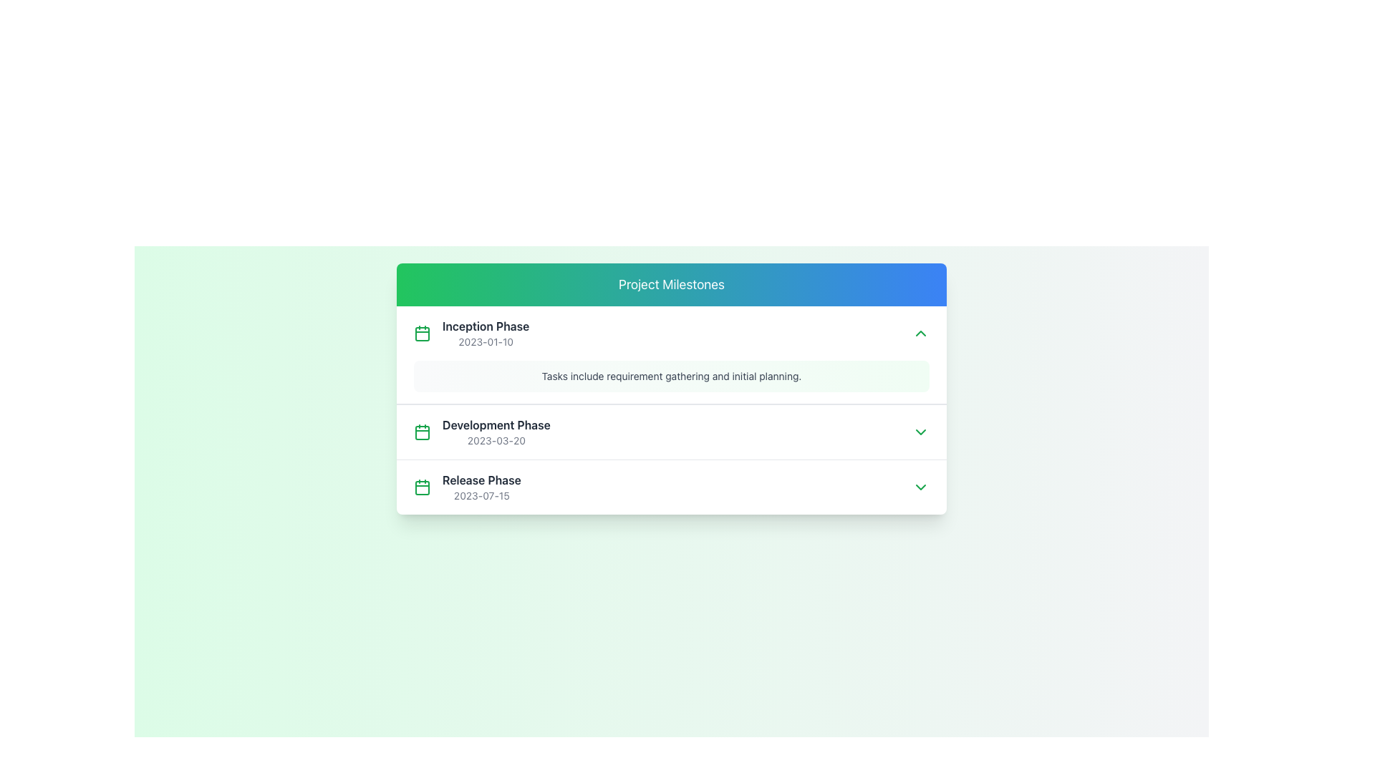 The height and width of the screenshot is (773, 1375). I want to click on the text label displaying the date '2023-07-15', which is styled in a smaller font and light gray color, located below the 'Release Phase' header in the 'Project Milestones' panel, so click(481, 495).